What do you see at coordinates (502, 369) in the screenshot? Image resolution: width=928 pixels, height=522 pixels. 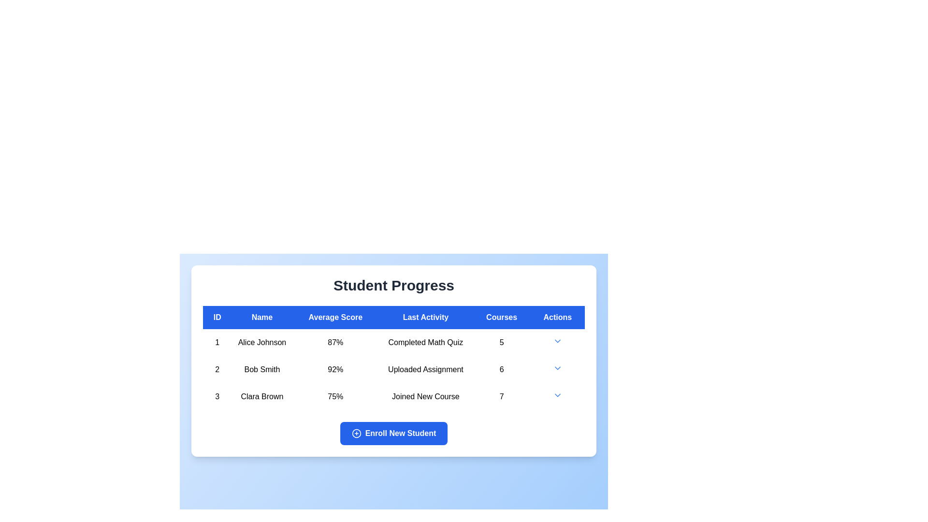 I see `the read-only text element displaying the numerical count of courses for student Bob Smith, located in the 'Courses' column of the second row in the 'Student Progress' table` at bounding box center [502, 369].